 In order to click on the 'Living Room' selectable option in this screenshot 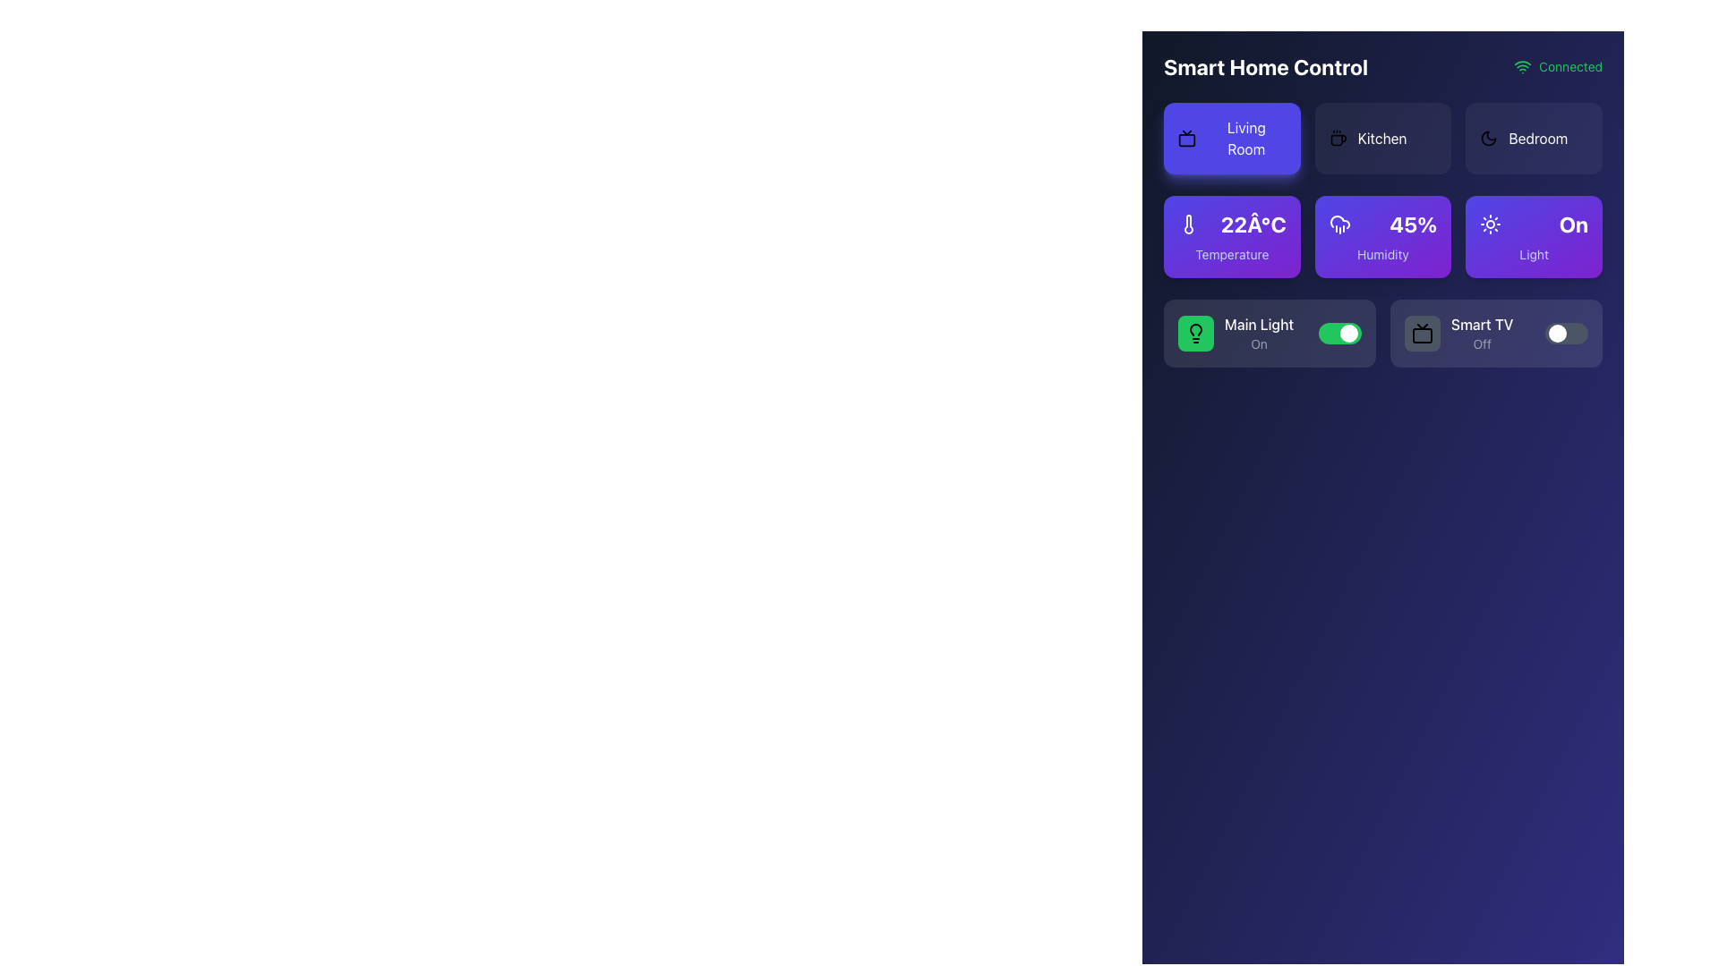, I will do `click(1231, 137)`.